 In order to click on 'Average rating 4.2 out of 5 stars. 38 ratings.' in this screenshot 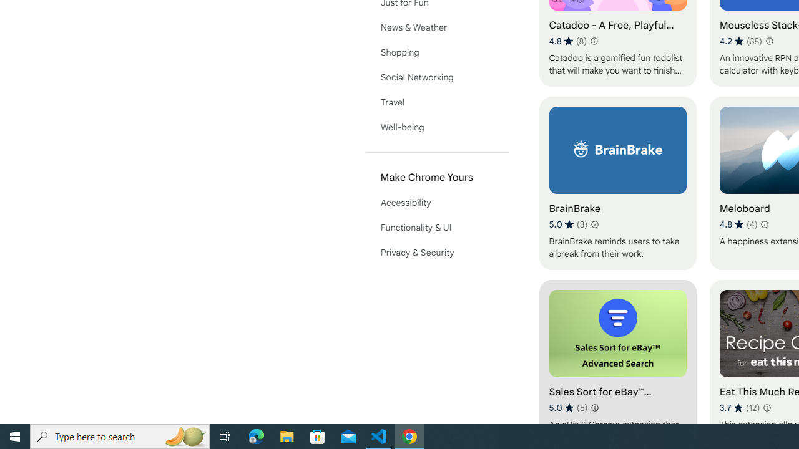, I will do `click(741, 41)`.